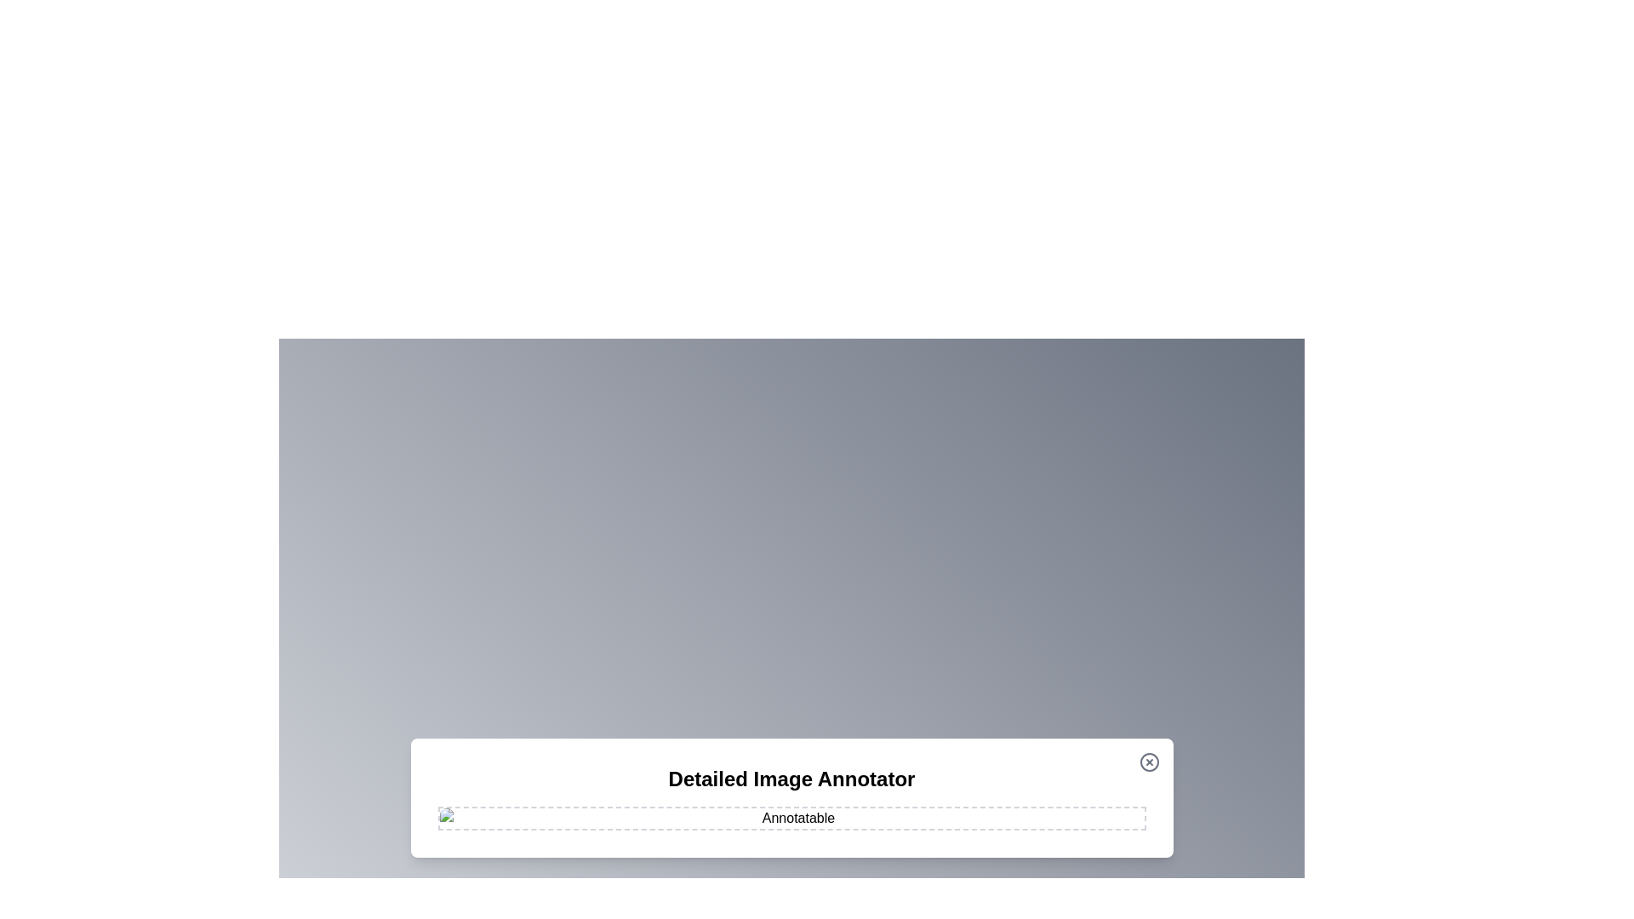 The image size is (1634, 919). What do you see at coordinates (910, 807) in the screenshot?
I see `the image at coordinates (1070, 950) to add an annotation` at bounding box center [910, 807].